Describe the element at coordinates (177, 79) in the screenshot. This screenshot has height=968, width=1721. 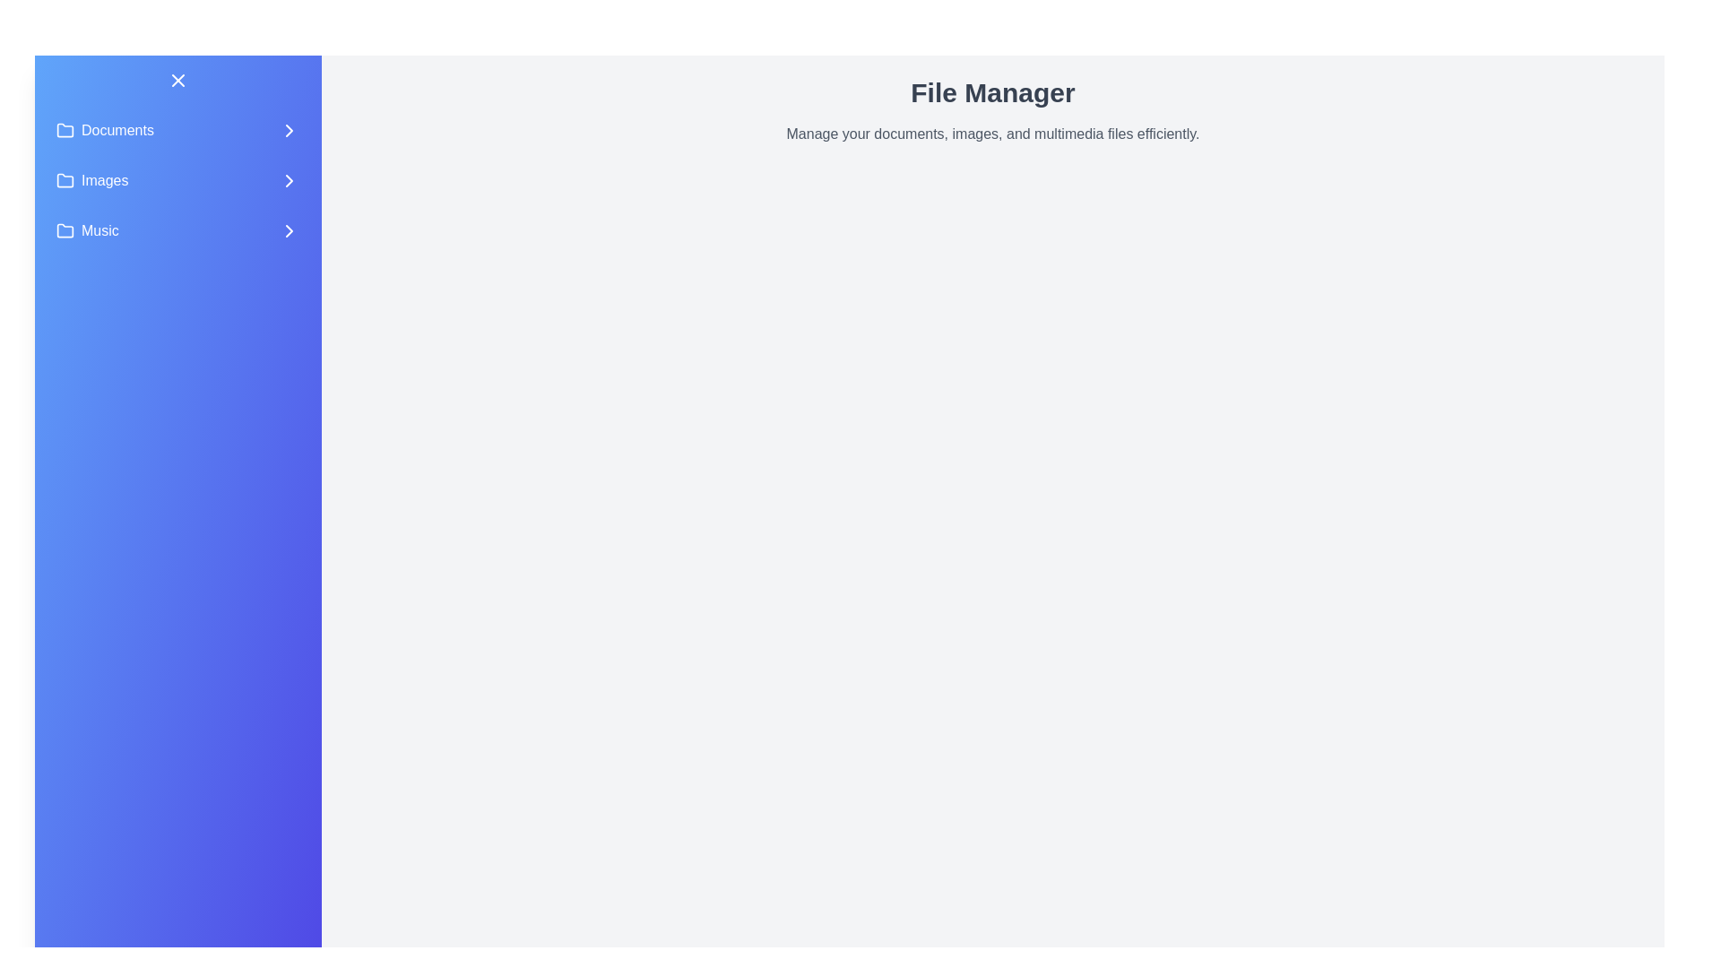
I see `the toggle button located at the top-left corner of the drawer to toggle its open/close state` at that location.